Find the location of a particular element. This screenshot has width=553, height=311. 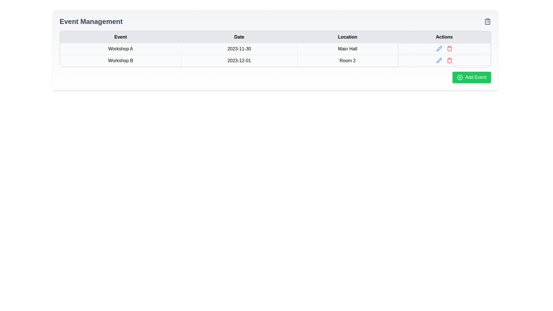

the static text label displaying 'Workshop B' located in the second row and first column of the 'Event Management' section table is located at coordinates (120, 61).